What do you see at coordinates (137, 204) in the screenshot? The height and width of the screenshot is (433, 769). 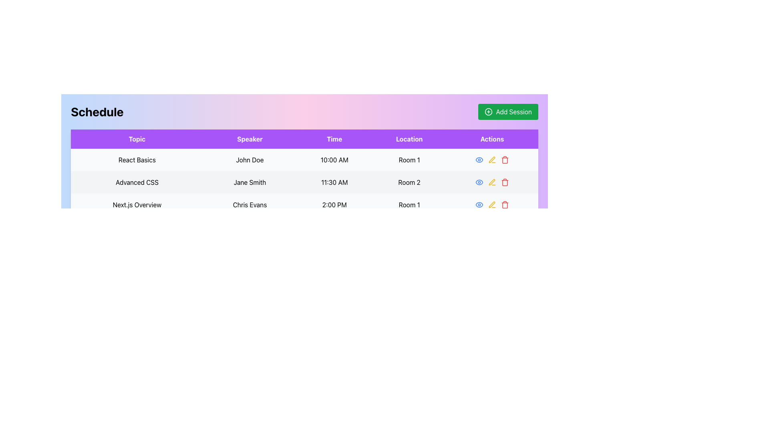 I see `the text label in the conference schedule that indicates the session's title, positioned in the first column of the third row, directly below 'React Basics' and 'Advanced CSS'` at bounding box center [137, 204].